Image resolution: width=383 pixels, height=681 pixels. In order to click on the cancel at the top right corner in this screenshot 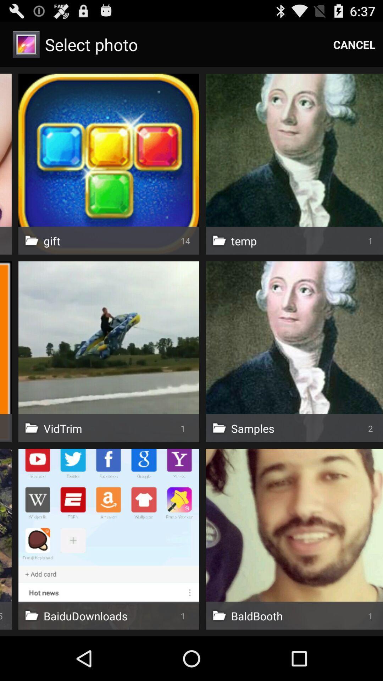, I will do `click(354, 44)`.